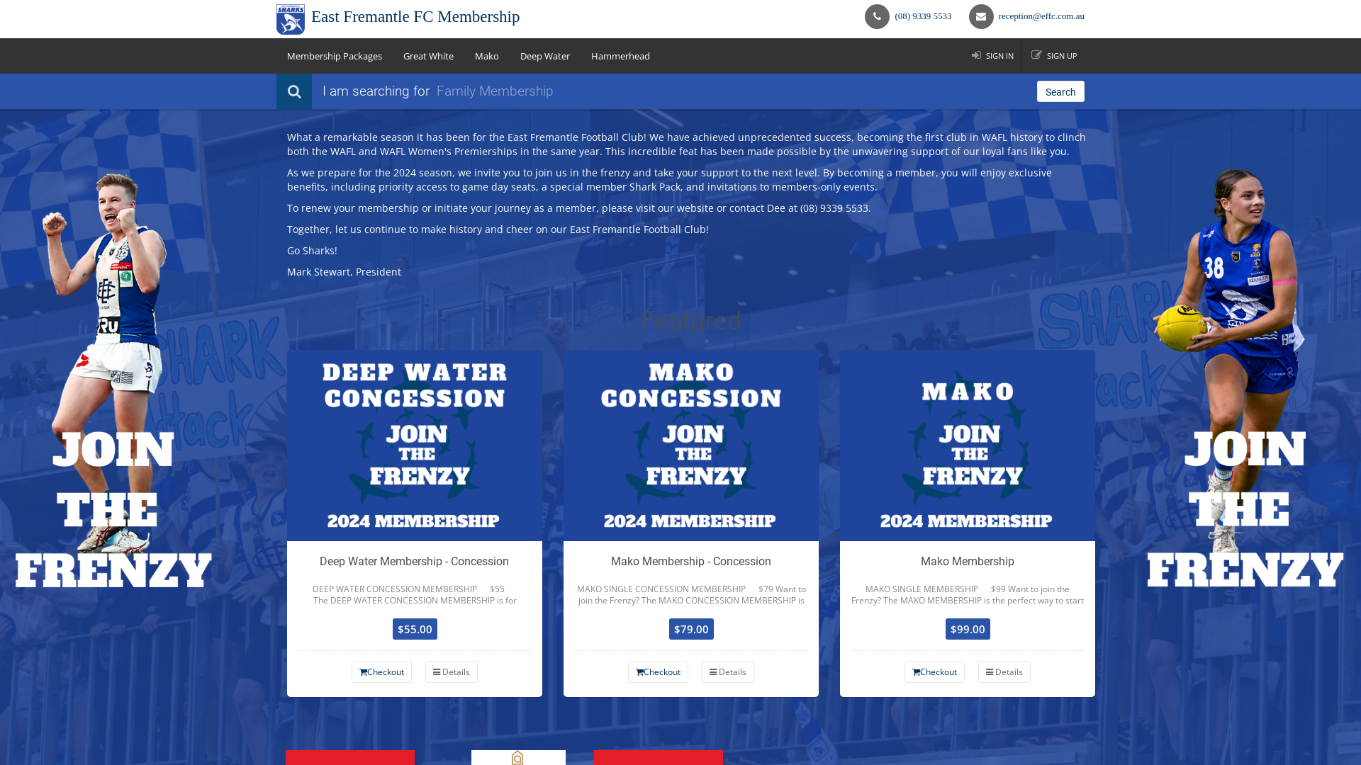 The image size is (1361, 765). Describe the element at coordinates (1060, 91) in the screenshot. I see `'Search'` at that location.